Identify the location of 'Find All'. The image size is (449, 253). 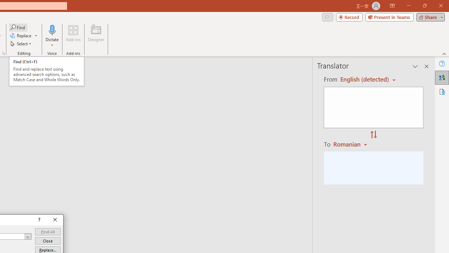
(47, 232).